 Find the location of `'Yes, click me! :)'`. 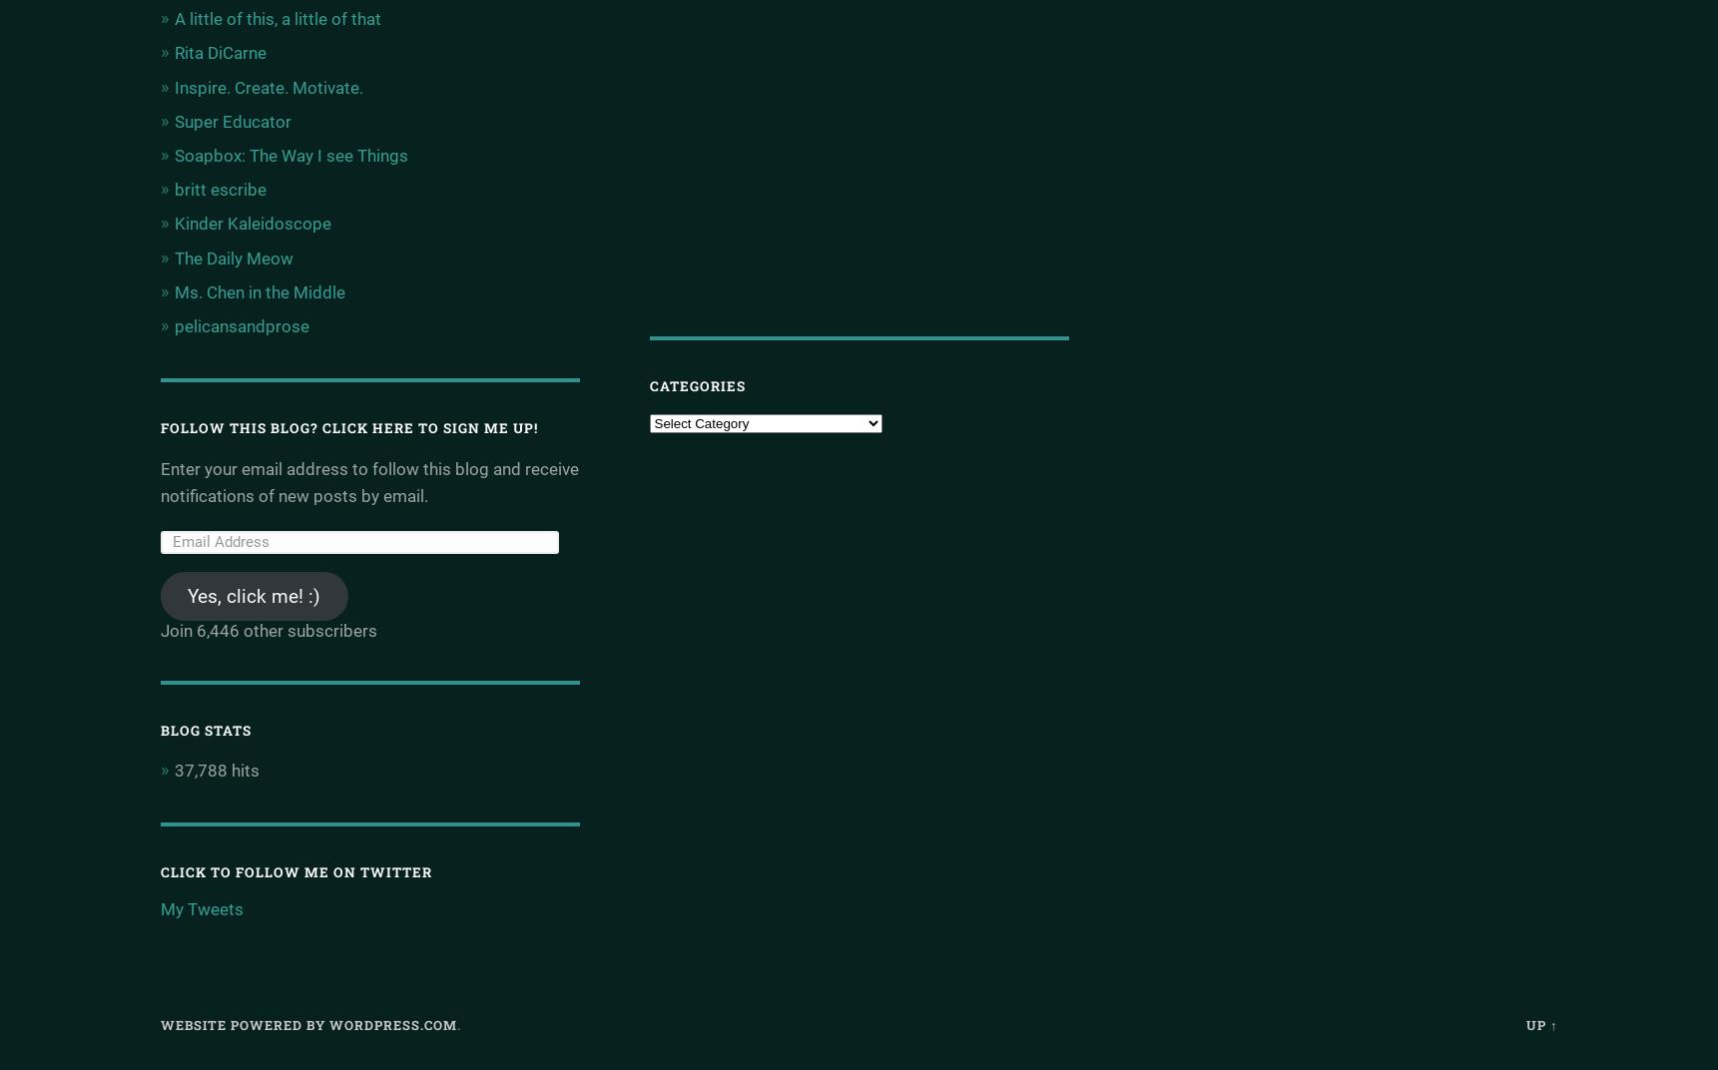

'Yes, click me! :)' is located at coordinates (254, 594).